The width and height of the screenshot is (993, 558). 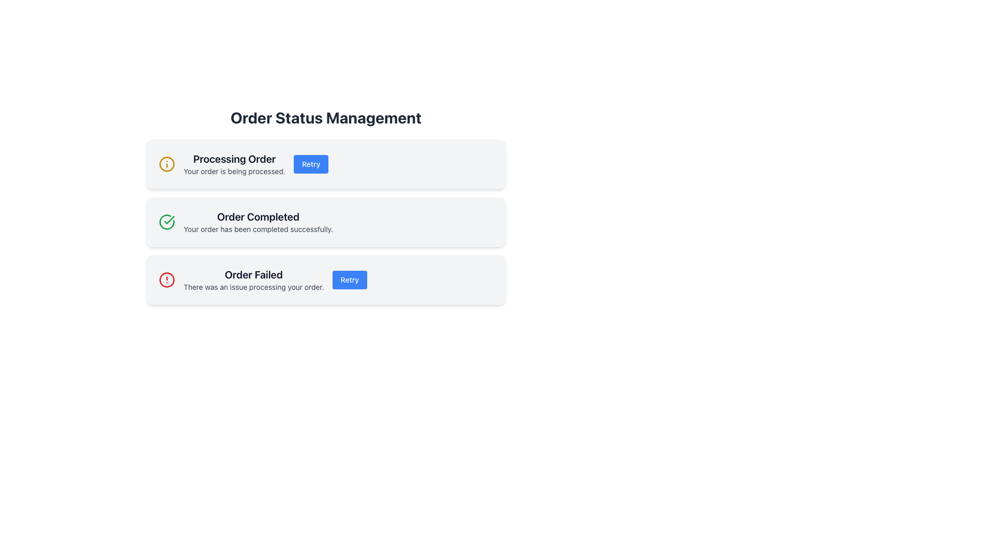 I want to click on displayed order processing status text from the main content of the notification box, which is positioned above 'Order Completed' and 'Order Failed', so click(x=234, y=163).